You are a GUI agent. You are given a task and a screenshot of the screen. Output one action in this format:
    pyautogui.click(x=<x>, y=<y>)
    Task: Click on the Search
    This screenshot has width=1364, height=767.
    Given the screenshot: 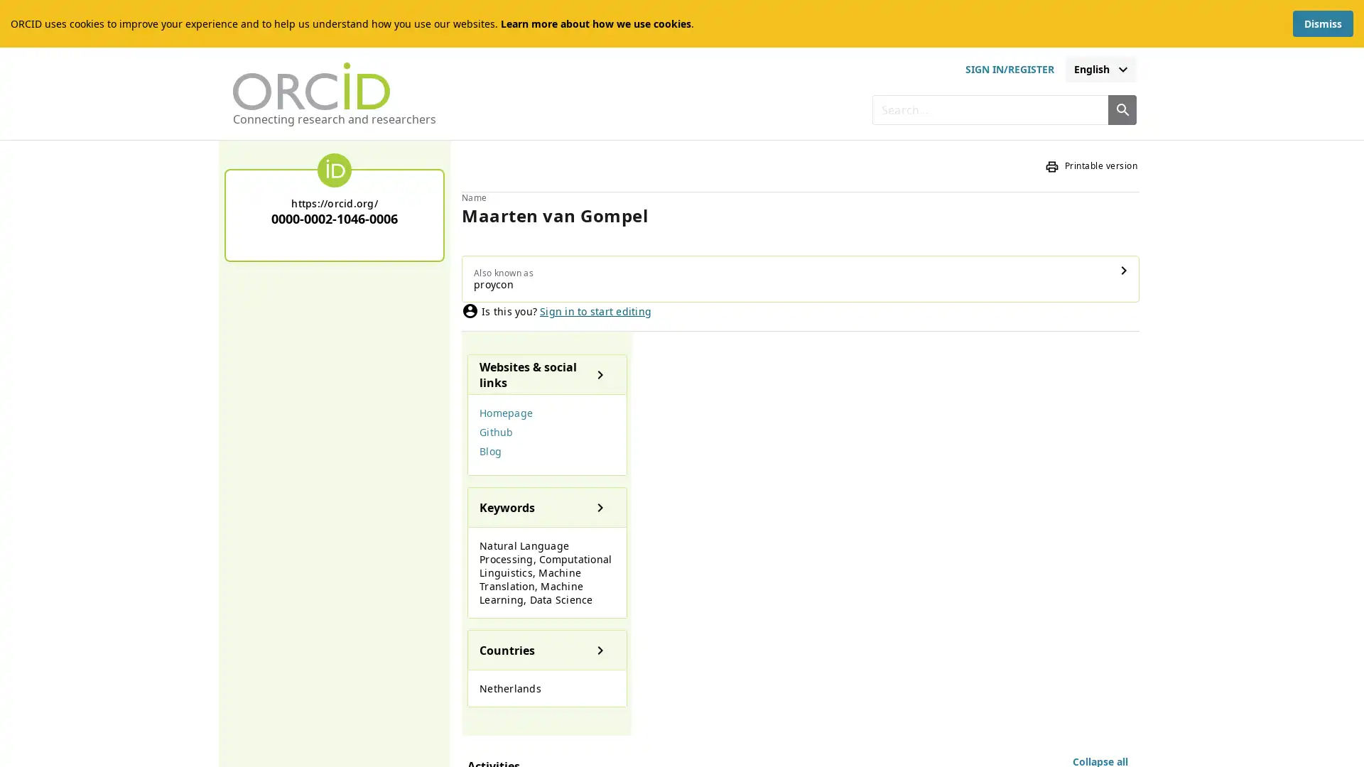 What is the action you would take?
    pyautogui.click(x=1121, y=109)
    